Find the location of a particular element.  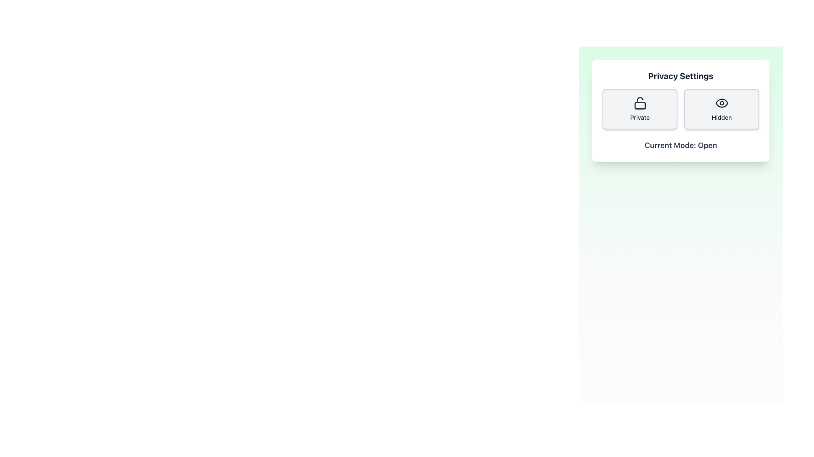

the text label 'Private' that indicates the privacy setting option is located at coordinates (640, 117).